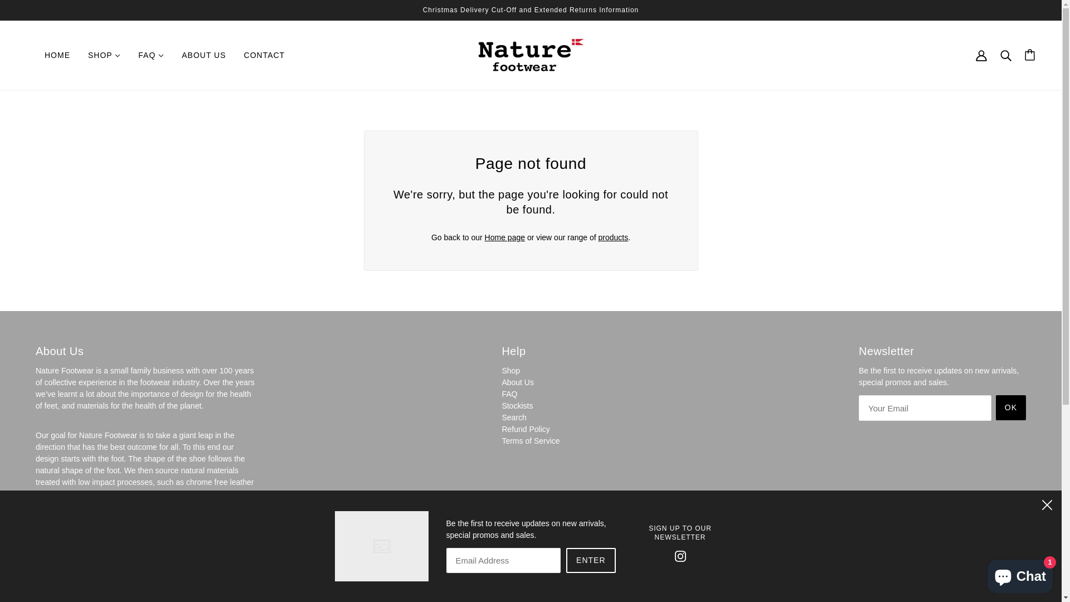 The height and width of the screenshot is (602, 1070). Describe the element at coordinates (612, 236) in the screenshot. I see `'products'` at that location.